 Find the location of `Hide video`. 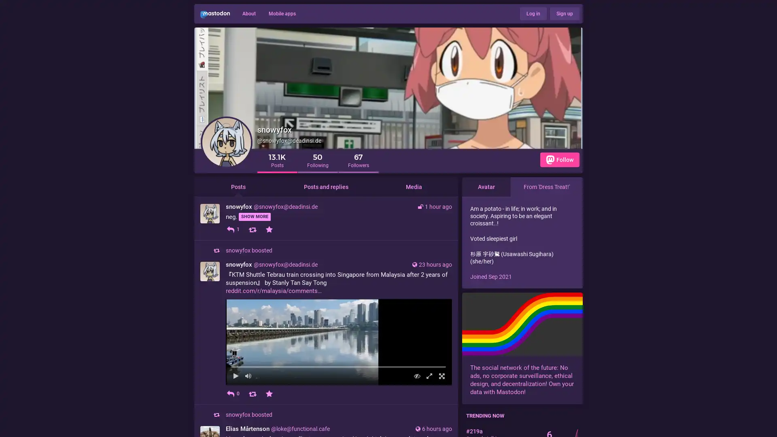

Hide video is located at coordinates (417, 417).